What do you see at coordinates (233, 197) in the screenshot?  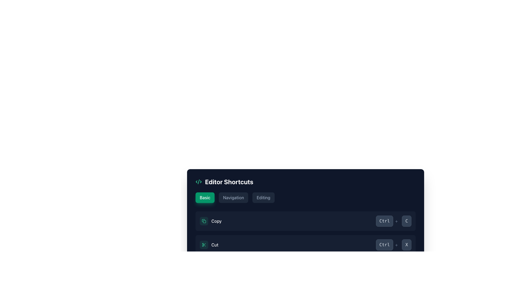 I see `the 'Navigation' textual label located within the pill-shaped button group, which is the middle button between 'Basic' and 'Editing.'` at bounding box center [233, 197].